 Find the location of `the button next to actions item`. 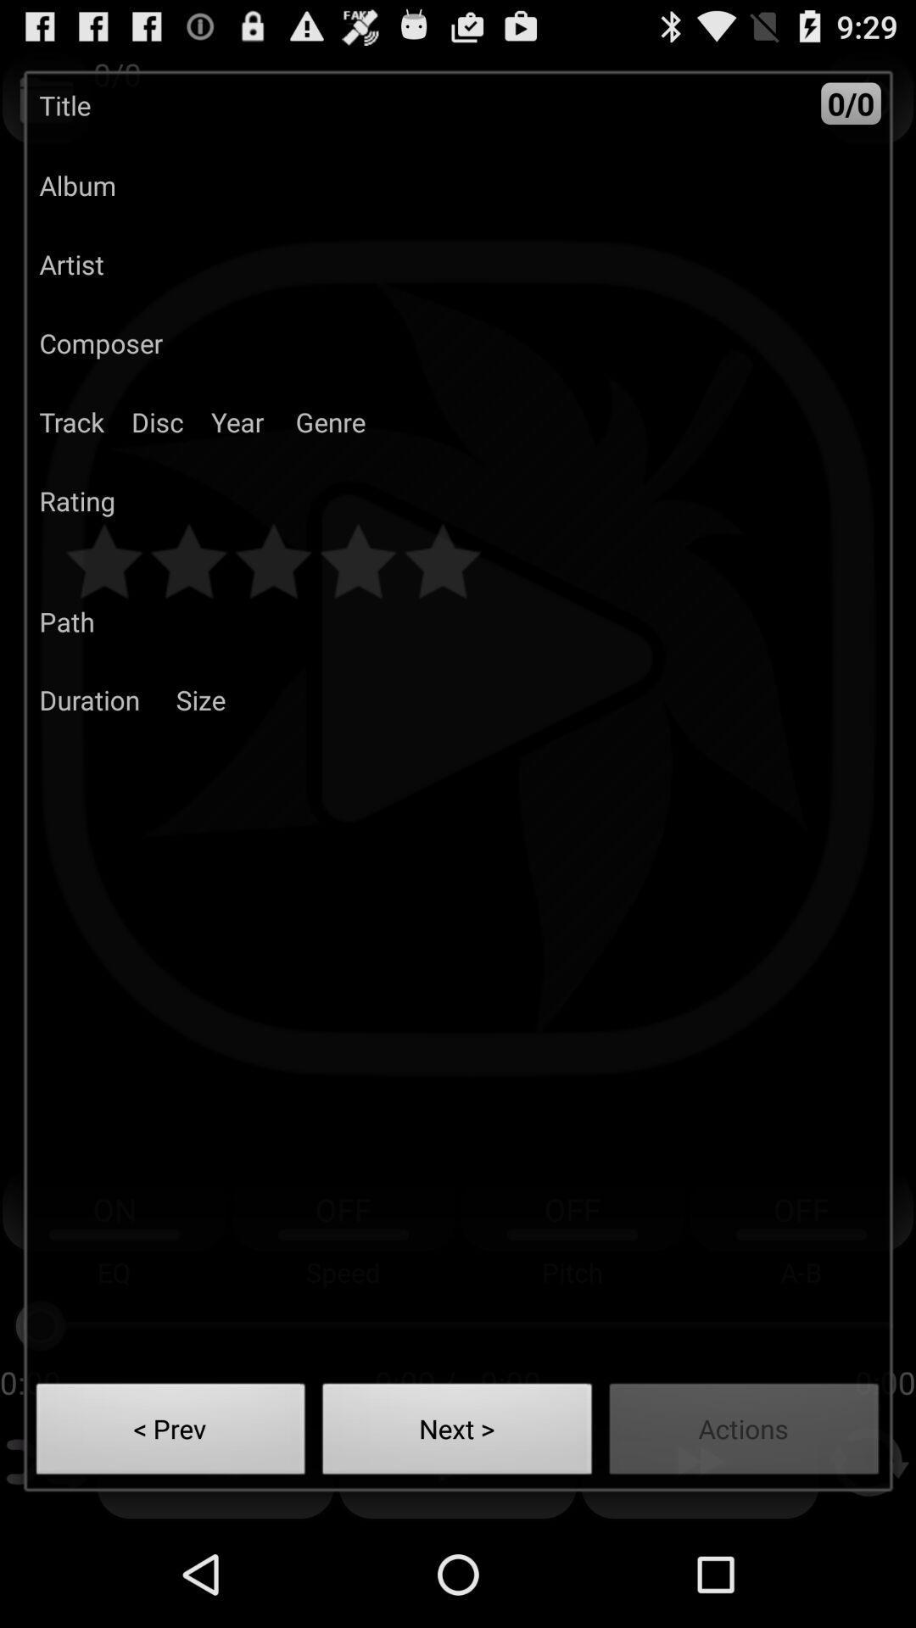

the button next to actions item is located at coordinates (456, 1433).